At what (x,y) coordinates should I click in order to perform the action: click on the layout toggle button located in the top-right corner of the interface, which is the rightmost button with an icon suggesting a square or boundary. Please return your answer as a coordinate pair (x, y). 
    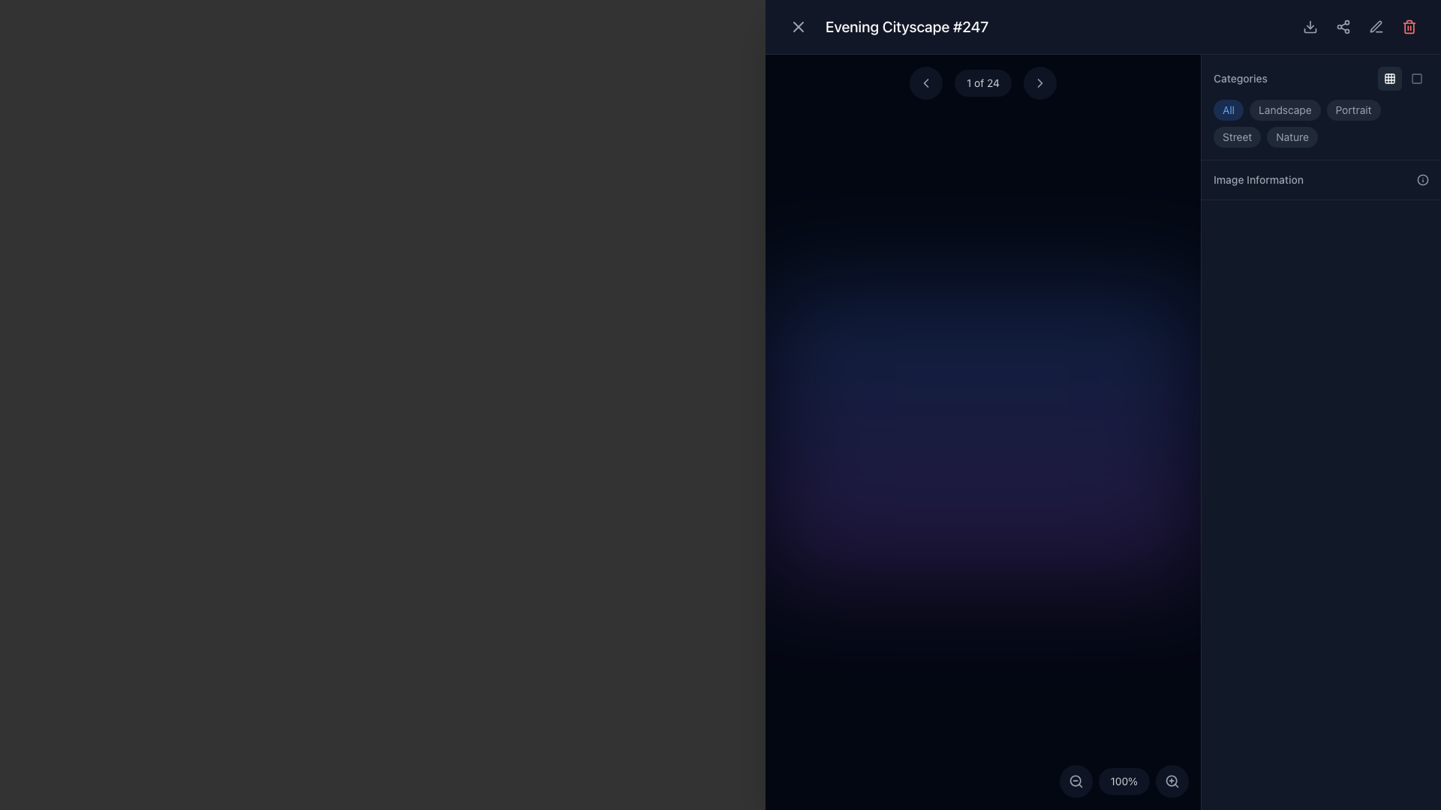
    Looking at the image, I should click on (1415, 78).